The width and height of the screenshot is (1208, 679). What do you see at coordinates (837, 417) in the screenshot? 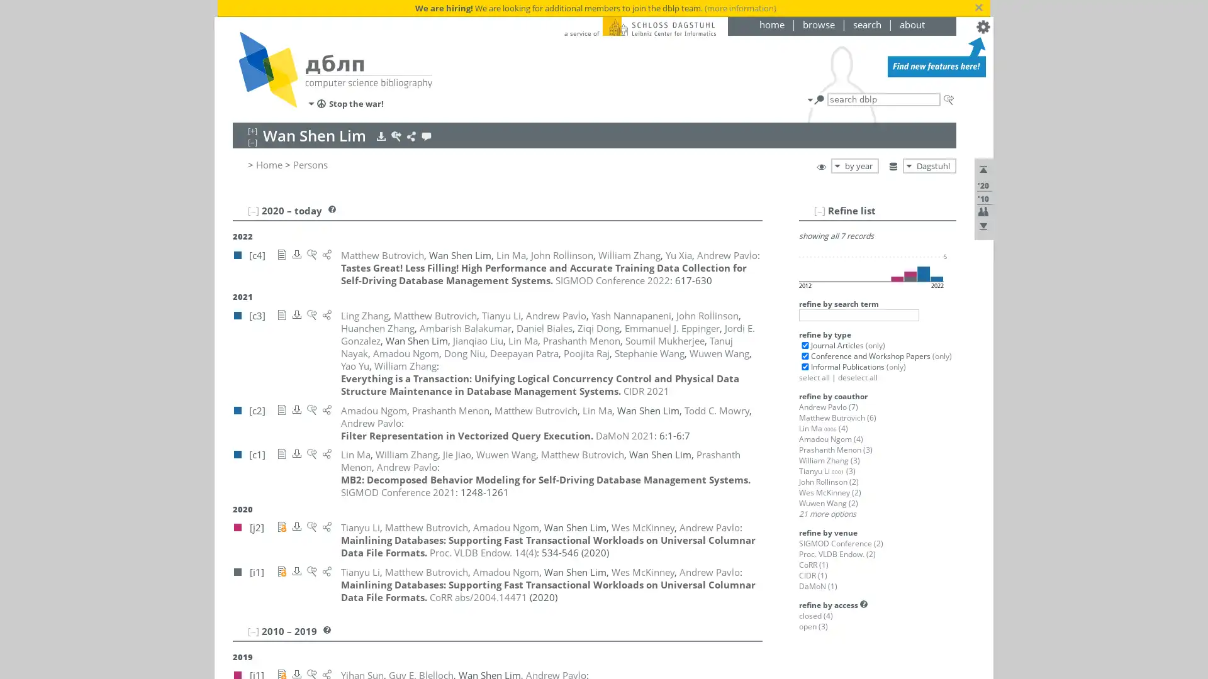
I see `Matthew Butrovich (6)` at bounding box center [837, 417].